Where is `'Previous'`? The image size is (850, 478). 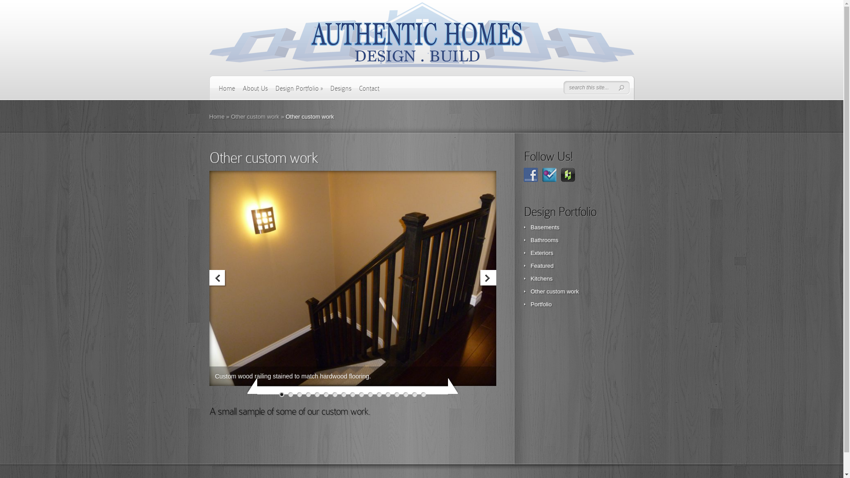
'Previous' is located at coordinates (217, 278).